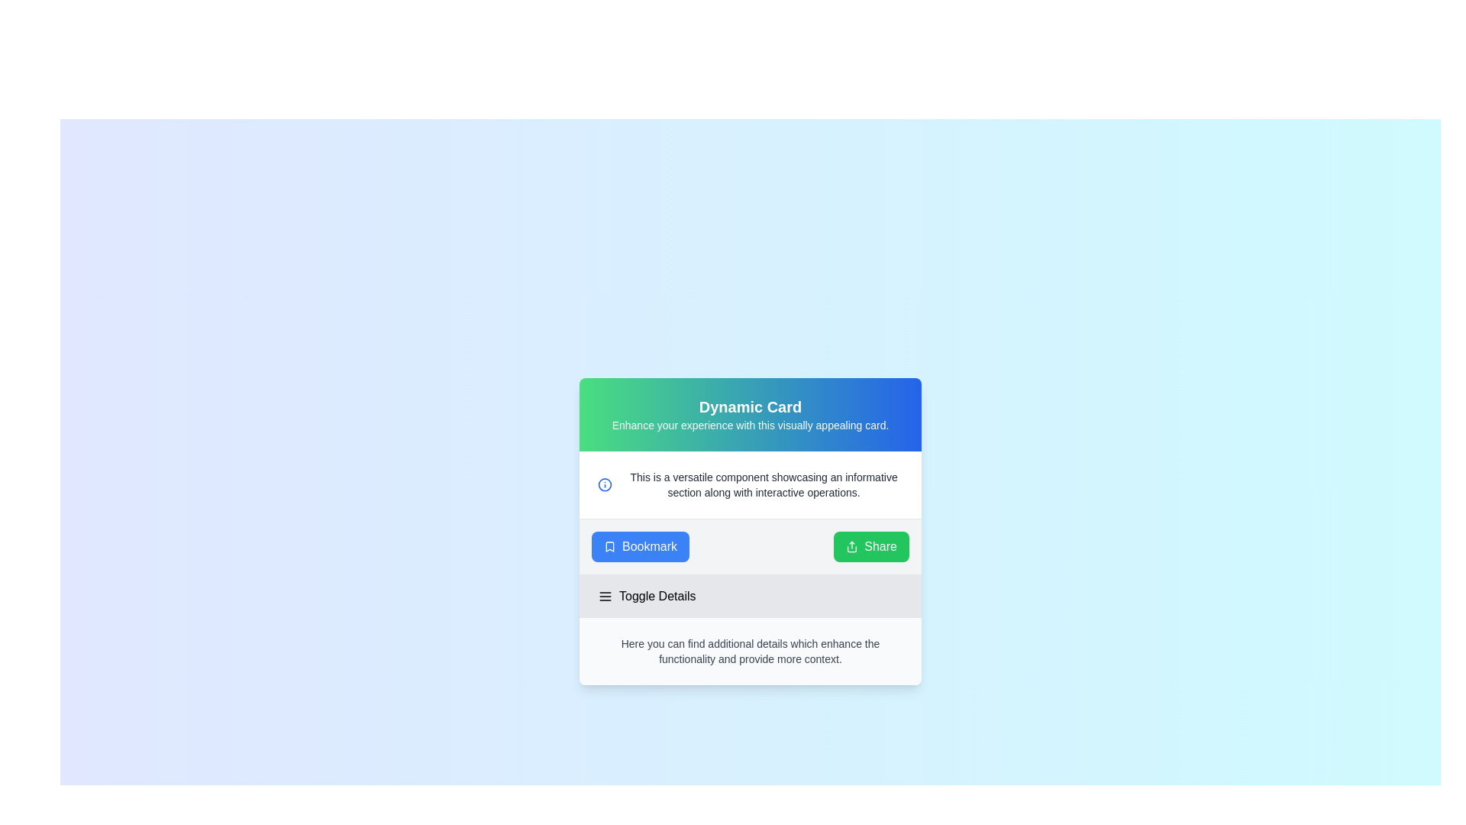 The image size is (1466, 825). What do you see at coordinates (871, 546) in the screenshot?
I see `the green 'Share' button with a white rounded appearance and an upward curved arrow icon` at bounding box center [871, 546].